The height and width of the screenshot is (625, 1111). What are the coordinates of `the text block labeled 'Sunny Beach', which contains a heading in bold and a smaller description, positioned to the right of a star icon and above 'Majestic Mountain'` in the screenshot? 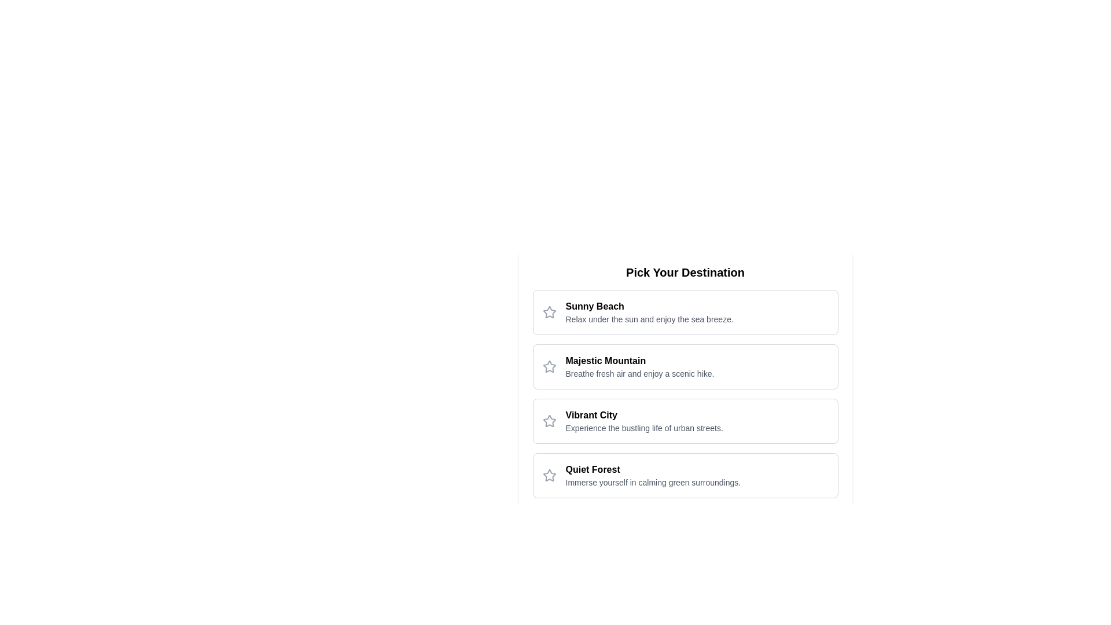 It's located at (649, 312).